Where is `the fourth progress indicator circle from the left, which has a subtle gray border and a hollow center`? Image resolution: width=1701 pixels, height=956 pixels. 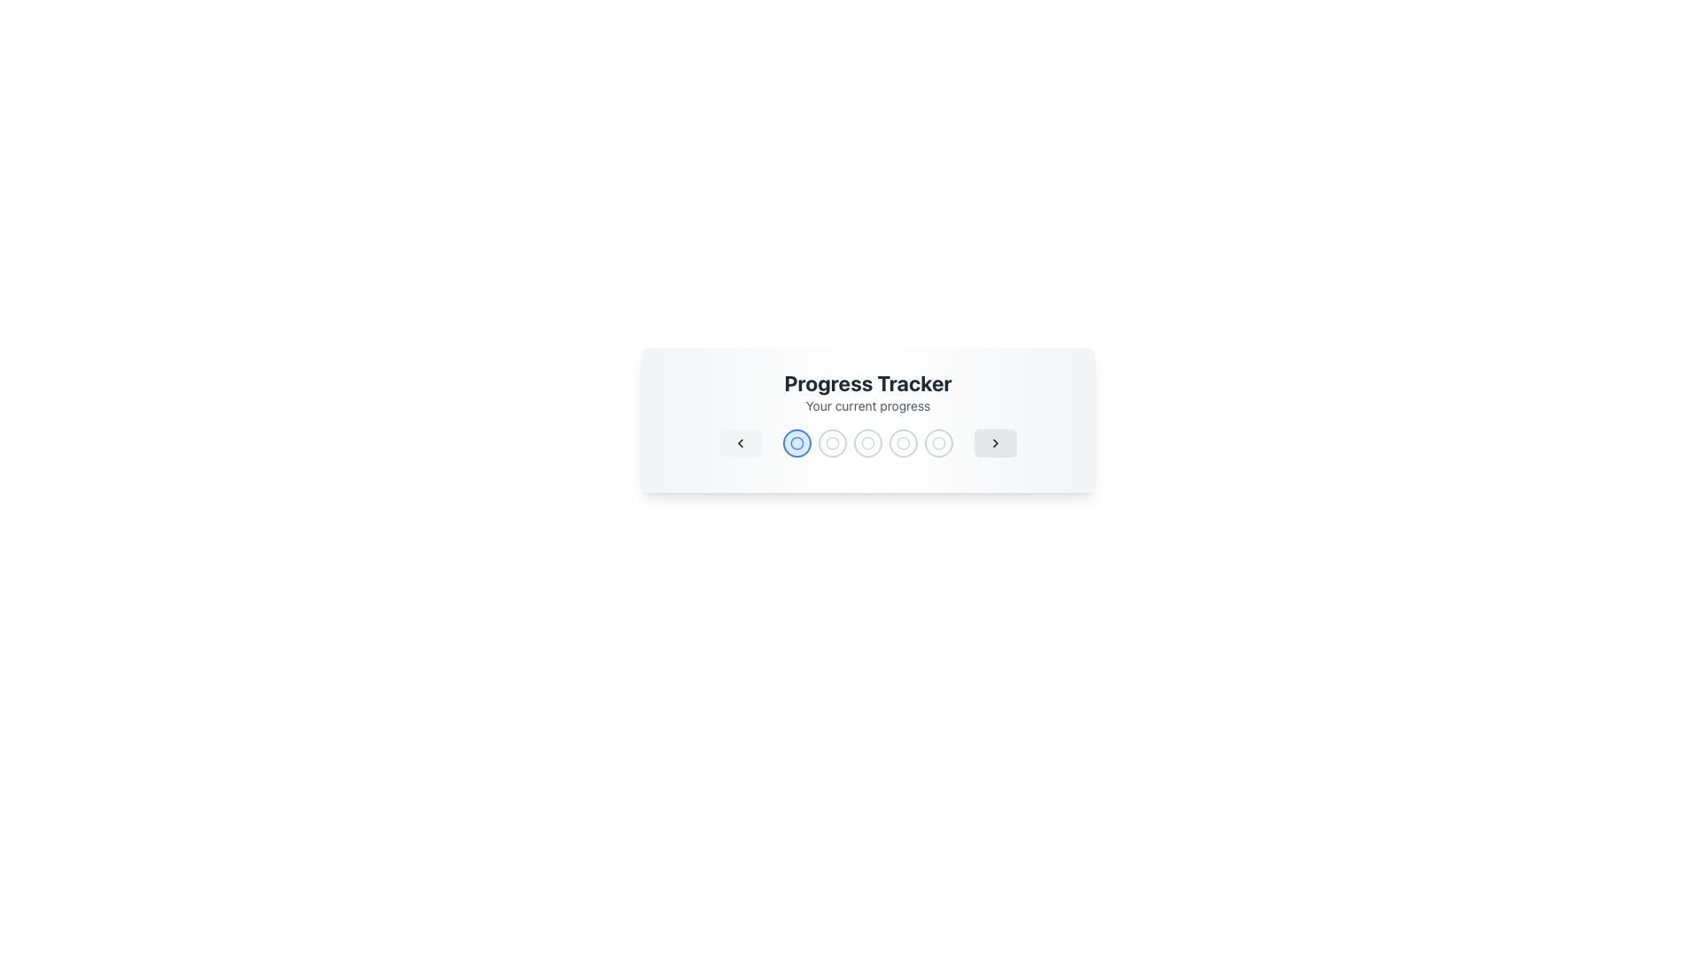
the fourth progress indicator circle from the left, which has a subtle gray border and a hollow center is located at coordinates (903, 443).